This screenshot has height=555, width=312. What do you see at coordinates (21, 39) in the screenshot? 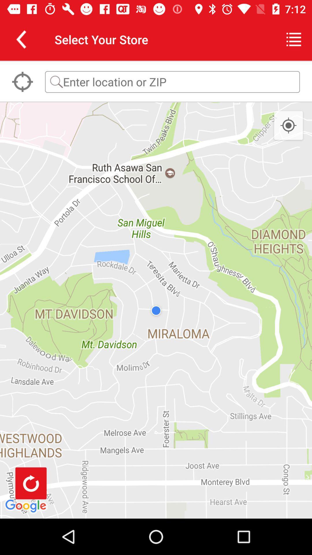
I see `the icon next to the select your store item` at bounding box center [21, 39].